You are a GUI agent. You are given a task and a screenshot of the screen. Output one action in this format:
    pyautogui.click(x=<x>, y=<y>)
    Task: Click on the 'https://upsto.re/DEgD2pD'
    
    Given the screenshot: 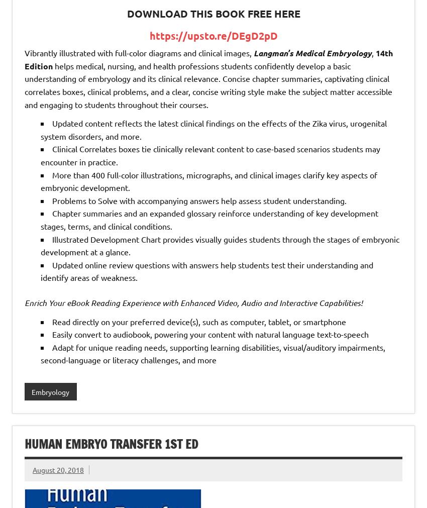 What is the action you would take?
    pyautogui.click(x=213, y=35)
    